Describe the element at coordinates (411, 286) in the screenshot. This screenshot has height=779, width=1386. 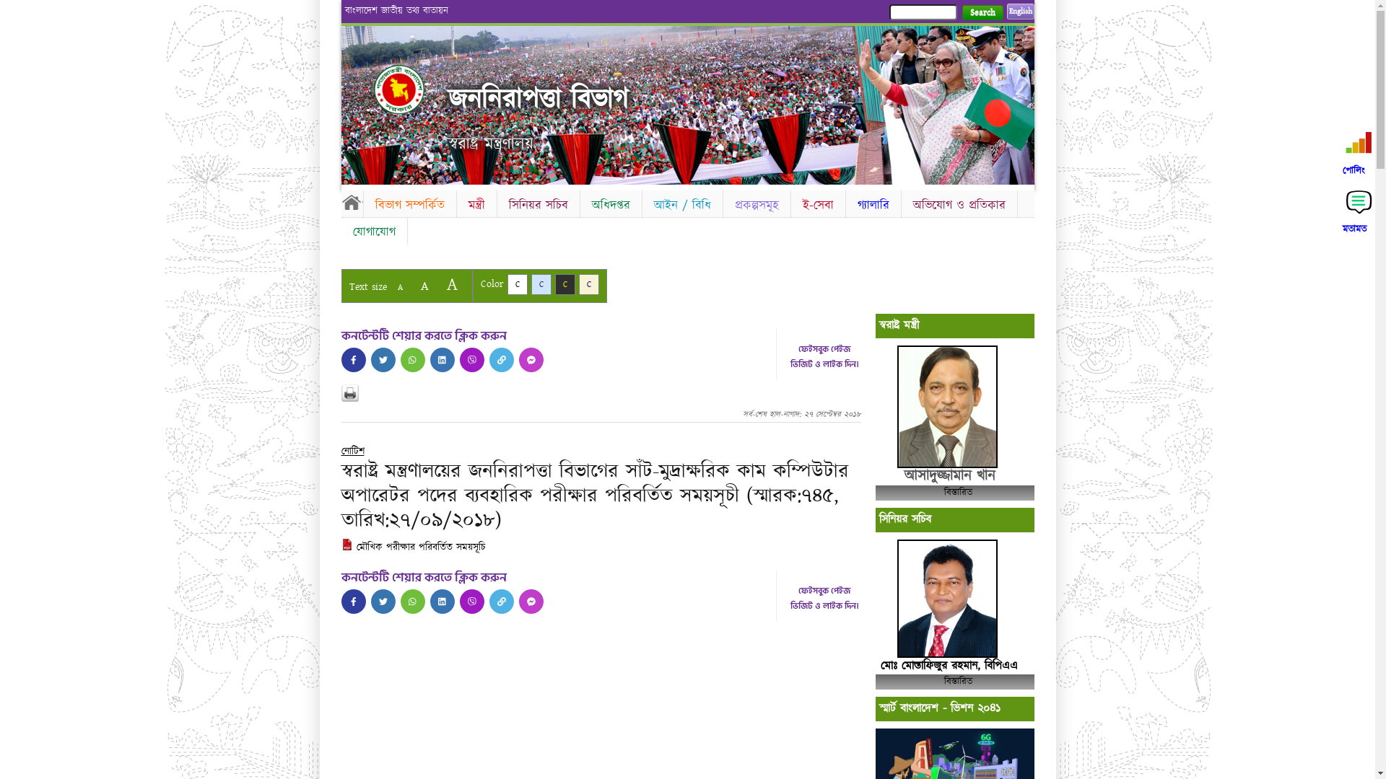
I see `'A'` at that location.